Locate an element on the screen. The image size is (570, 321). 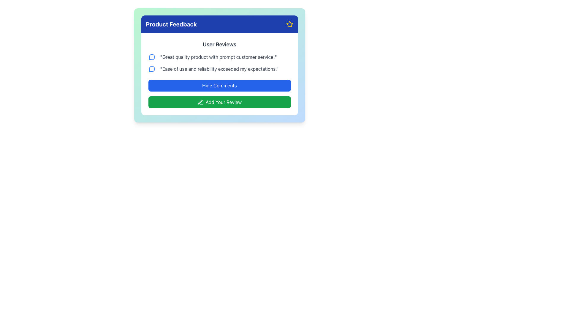
the pen icon within the green 'Add Your Review' button located at the bottom of the 'Product Feedback' card is located at coordinates (200, 102).